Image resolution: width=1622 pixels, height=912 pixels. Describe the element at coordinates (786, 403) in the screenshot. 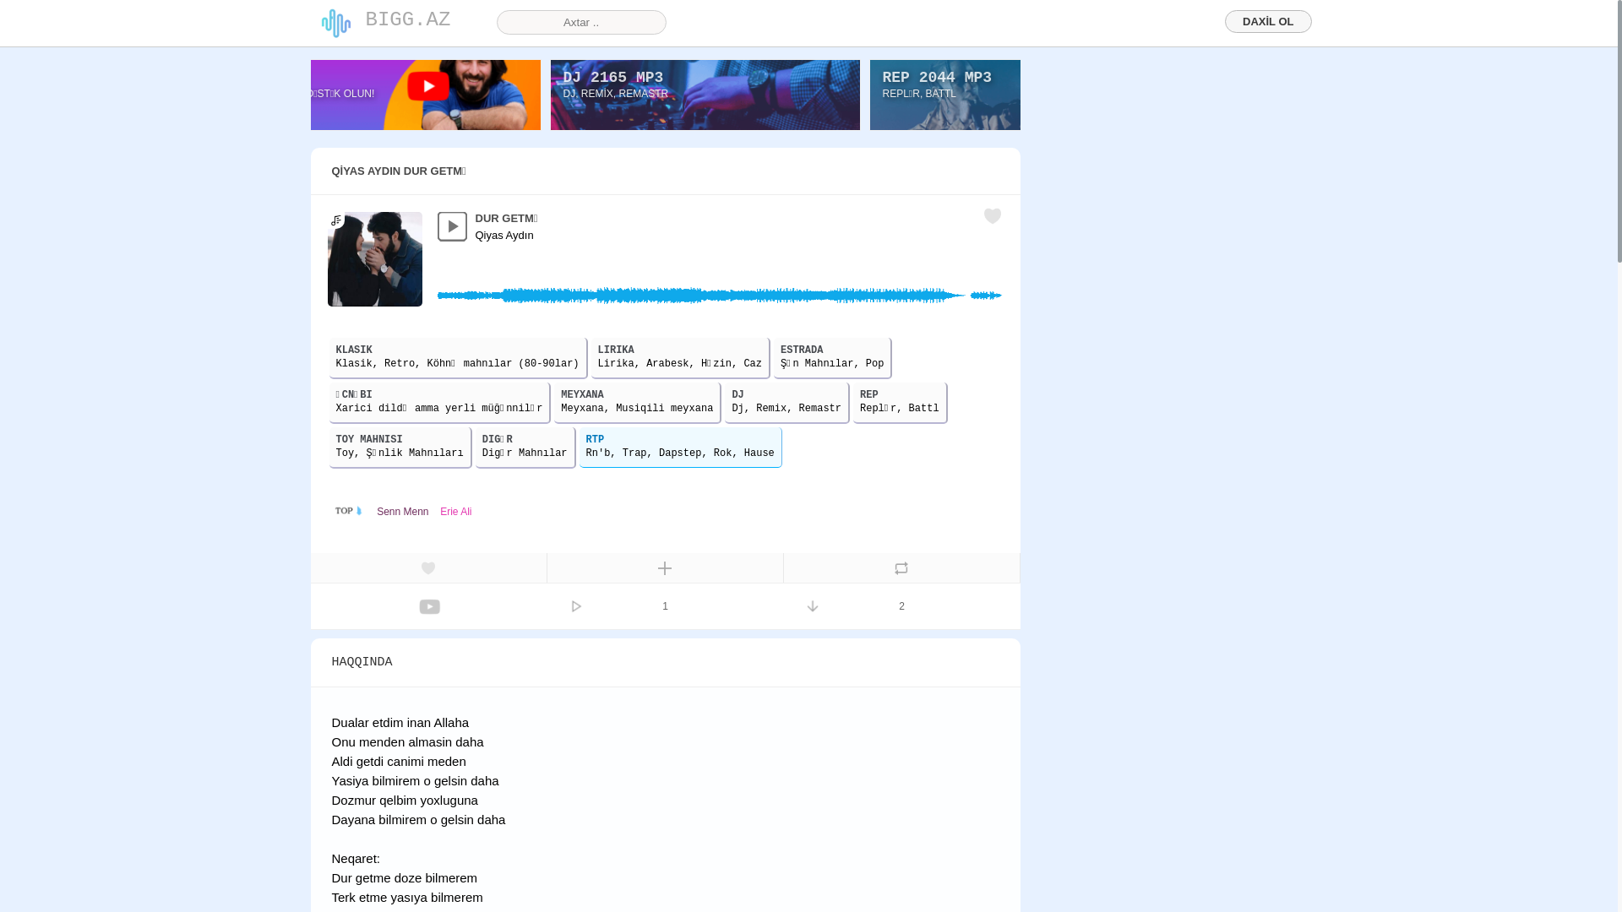

I see `'DJ` at that location.